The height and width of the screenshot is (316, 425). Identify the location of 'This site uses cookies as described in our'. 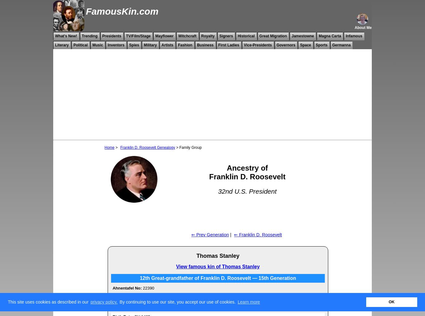
(48, 302).